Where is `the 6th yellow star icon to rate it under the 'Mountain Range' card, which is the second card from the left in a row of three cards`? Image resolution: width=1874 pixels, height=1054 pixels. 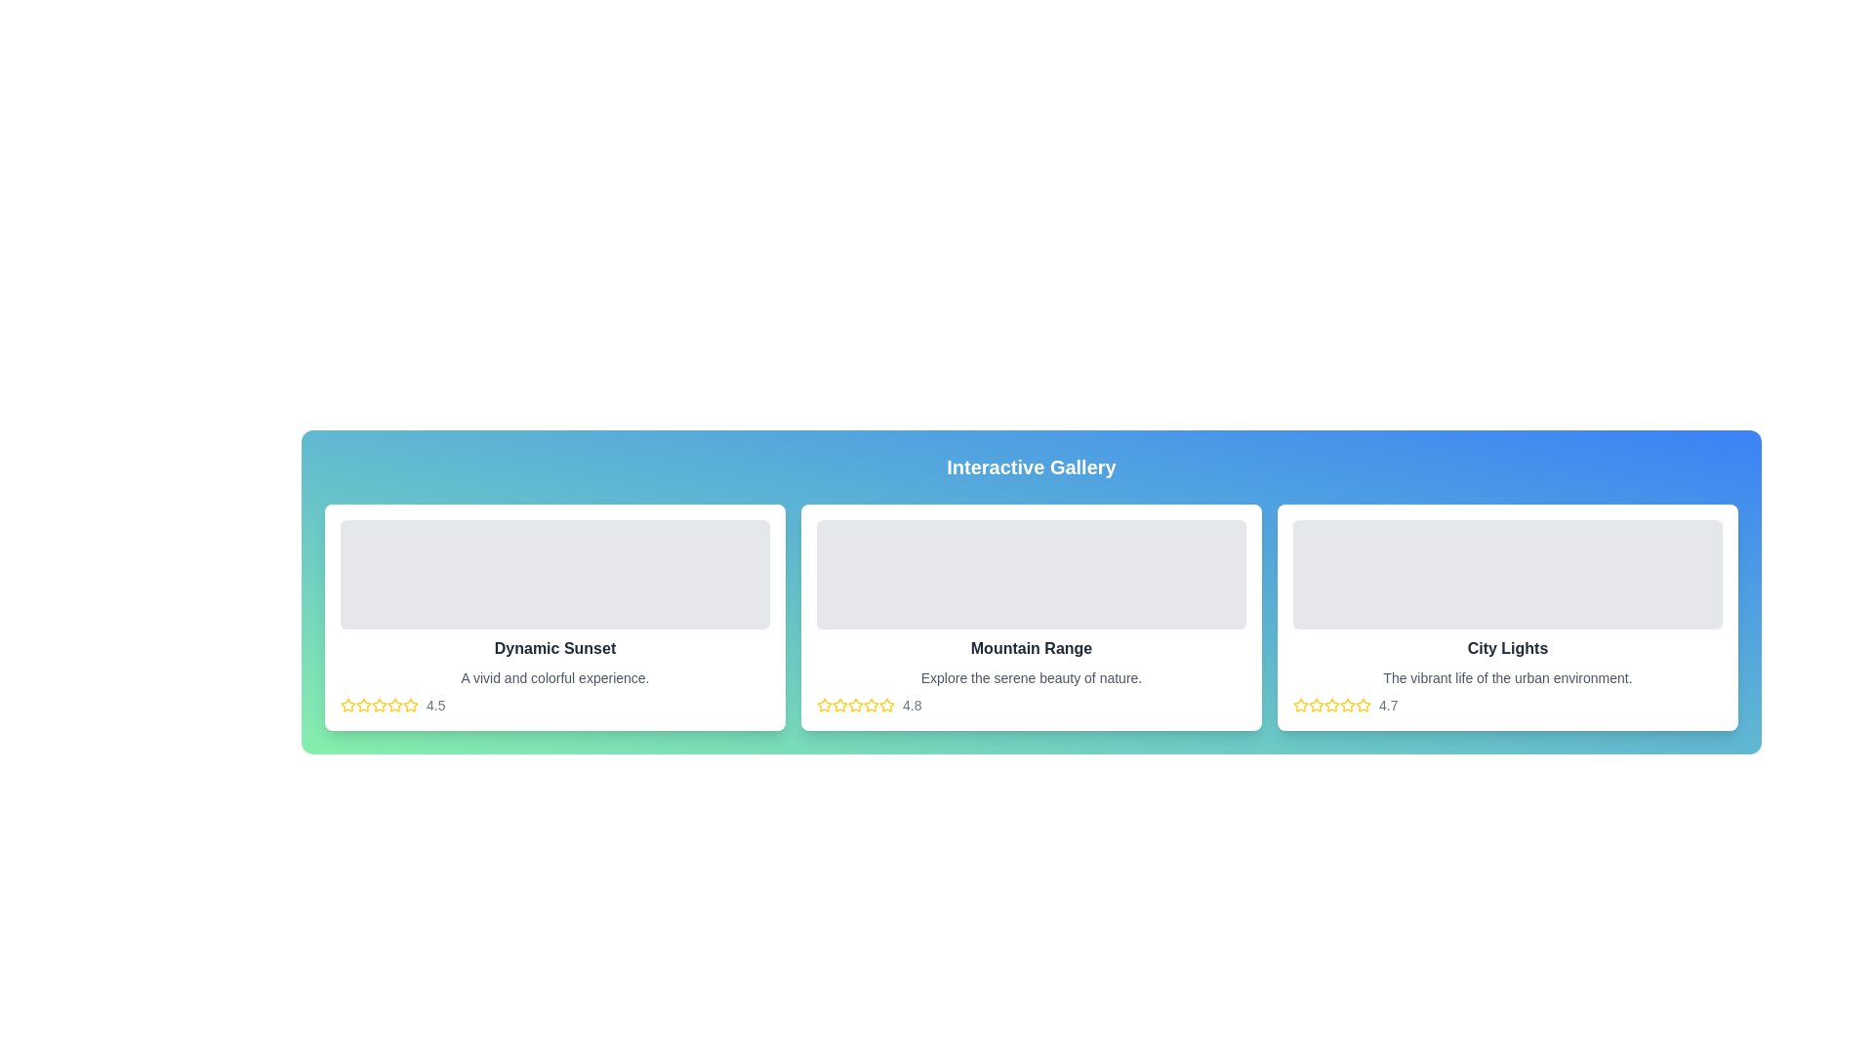
the 6th yellow star icon to rate it under the 'Mountain Range' card, which is the second card from the left in a row of three cards is located at coordinates (870, 705).